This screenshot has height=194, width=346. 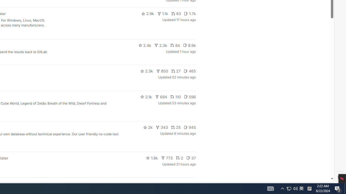 What do you see at coordinates (148, 127) in the screenshot?
I see `'2k'` at bounding box center [148, 127].